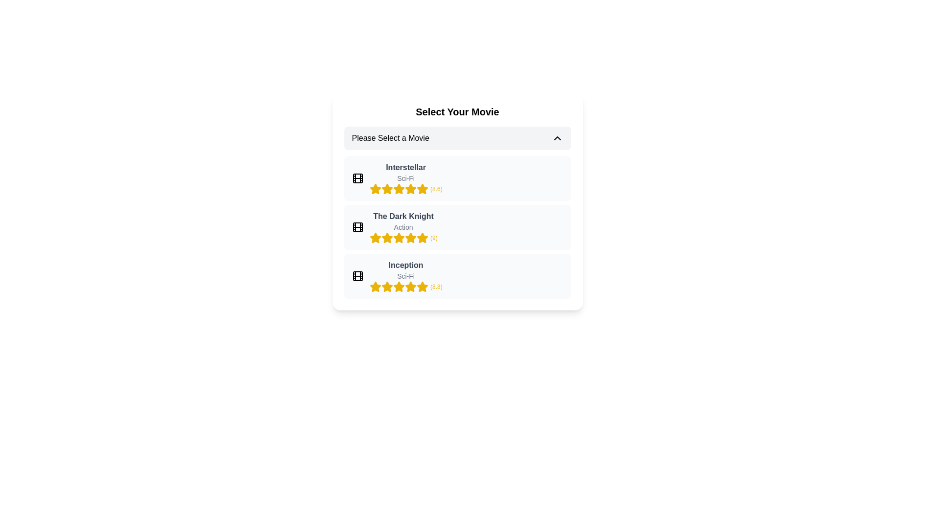  Describe the element at coordinates (422, 286) in the screenshot. I see `the fifth rating star icon indicating the movie 'Inception'` at that location.